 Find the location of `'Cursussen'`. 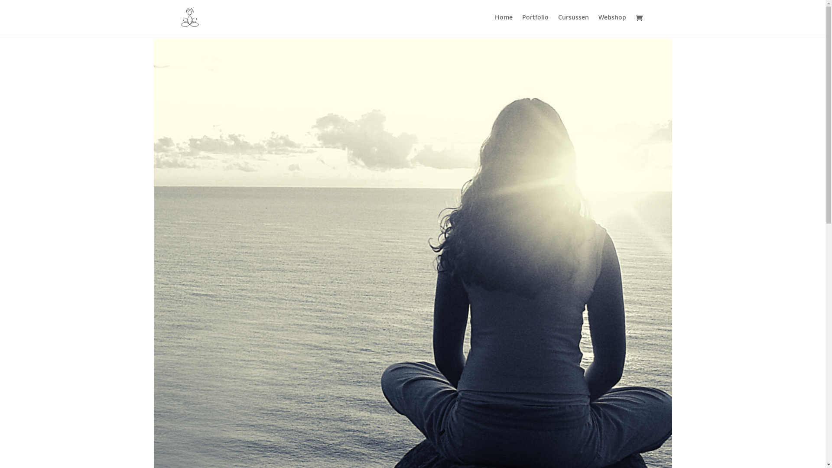

'Cursussen' is located at coordinates (573, 24).